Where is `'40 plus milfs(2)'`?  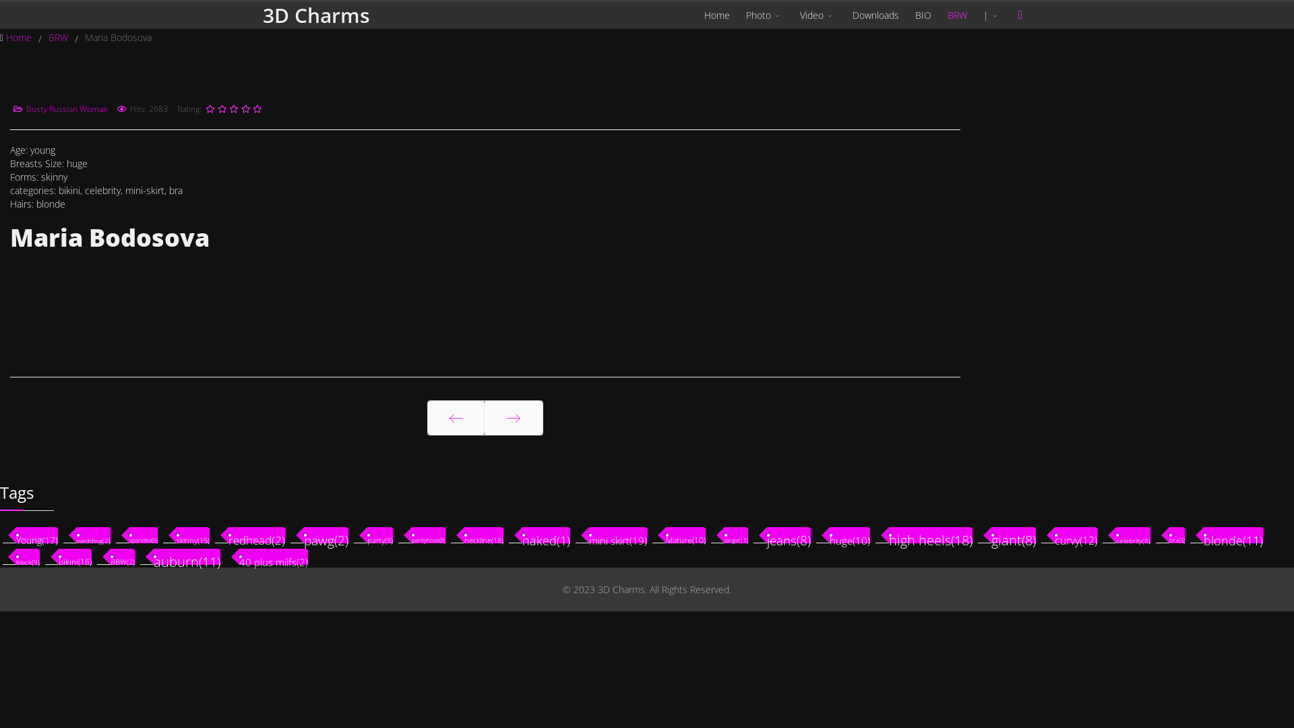 '40 plus milfs(2)' is located at coordinates (239, 556).